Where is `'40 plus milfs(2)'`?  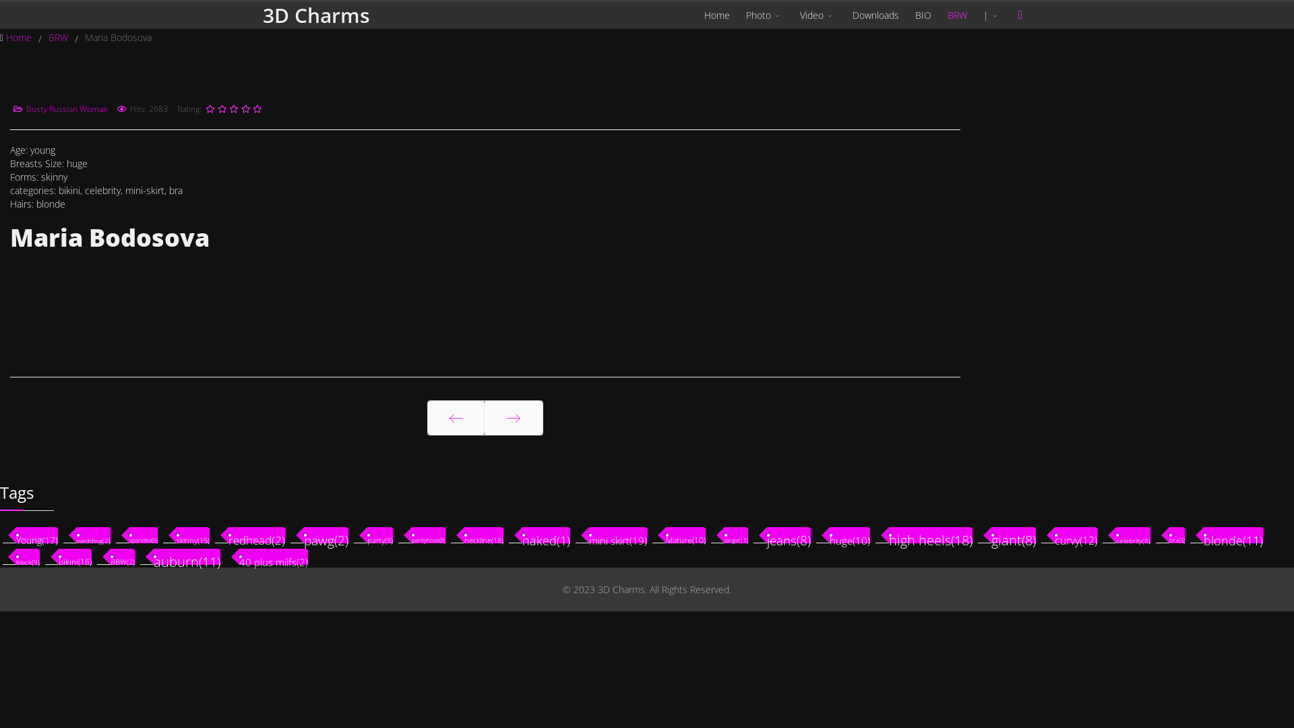 '40 plus milfs(2)' is located at coordinates (239, 556).